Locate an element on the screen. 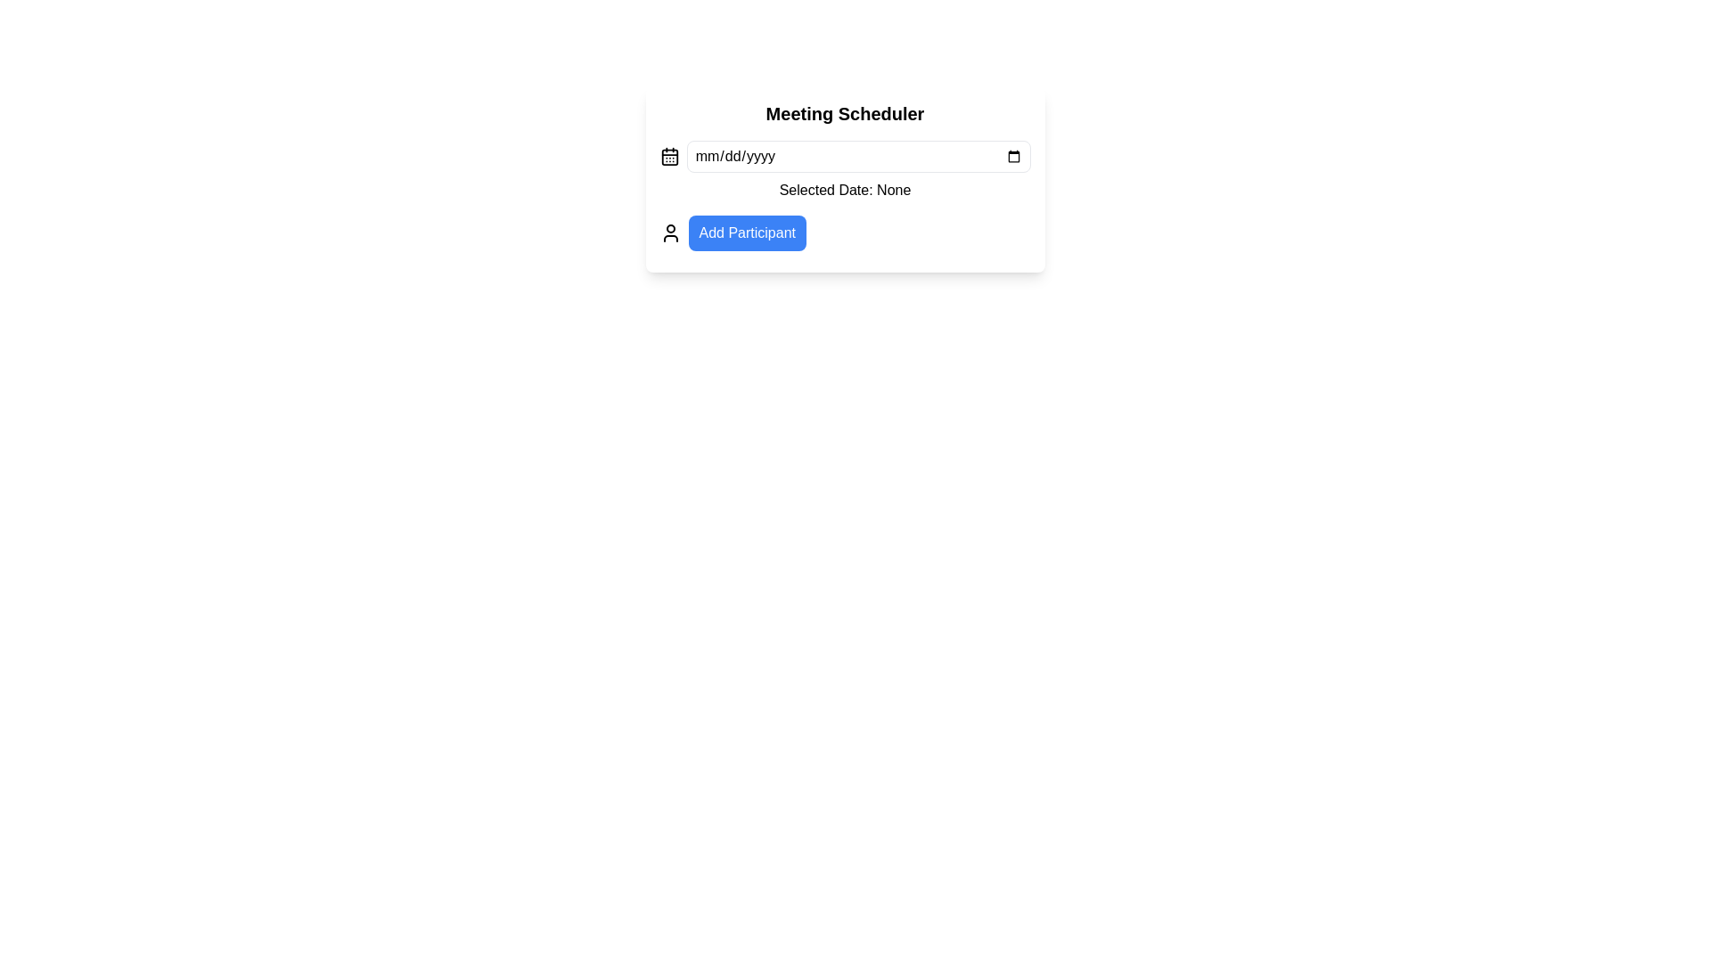 The width and height of the screenshot is (1711, 962). the button located centrally within the meeting scheduler UI is located at coordinates (844, 232).